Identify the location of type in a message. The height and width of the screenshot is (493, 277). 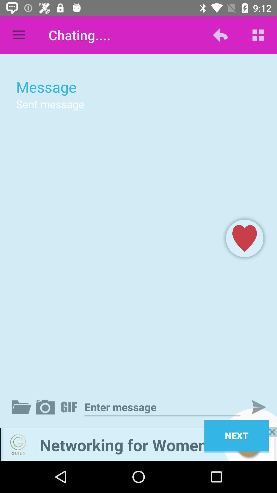
(162, 407).